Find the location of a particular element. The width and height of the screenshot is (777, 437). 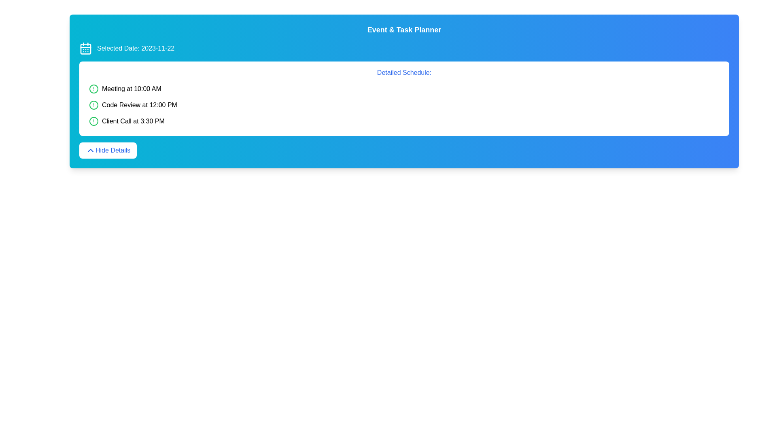

the text element reading 'Code Review at 12:00 PM', which is the second item in the list of scheduled events, located centrally within a white card with a blue header is located at coordinates (140, 104).